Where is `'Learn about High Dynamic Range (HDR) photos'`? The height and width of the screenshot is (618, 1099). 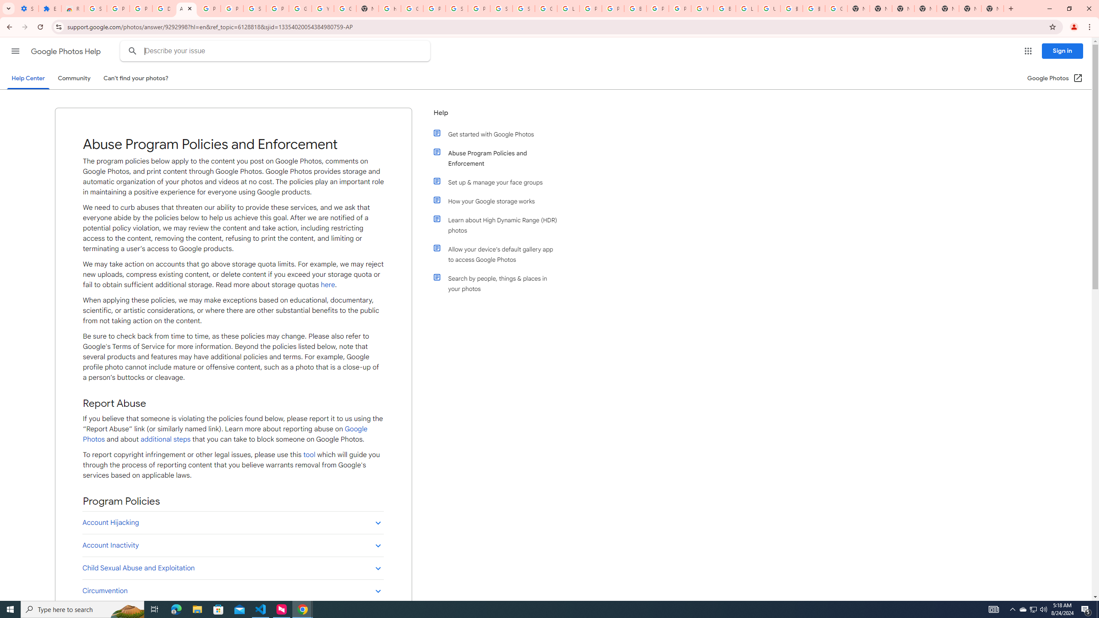
'Learn about High Dynamic Range (HDR) photos' is located at coordinates (499, 225).